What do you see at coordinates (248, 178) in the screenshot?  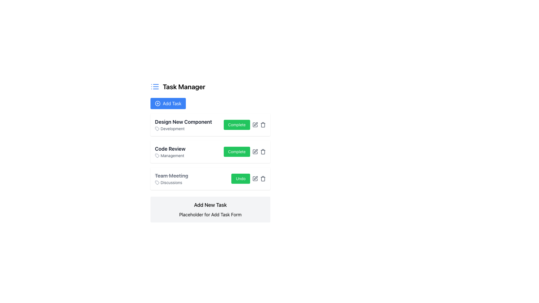 I see `the green 'Undo' button located in the third task row under 'Team Meeting'` at bounding box center [248, 178].